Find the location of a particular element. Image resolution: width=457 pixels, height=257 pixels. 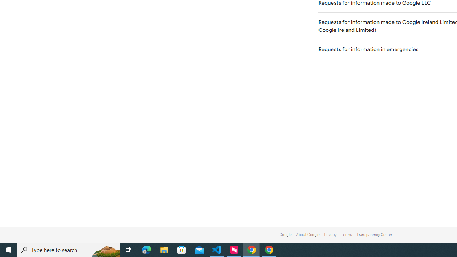

'Transparency Center' is located at coordinates (374, 235).